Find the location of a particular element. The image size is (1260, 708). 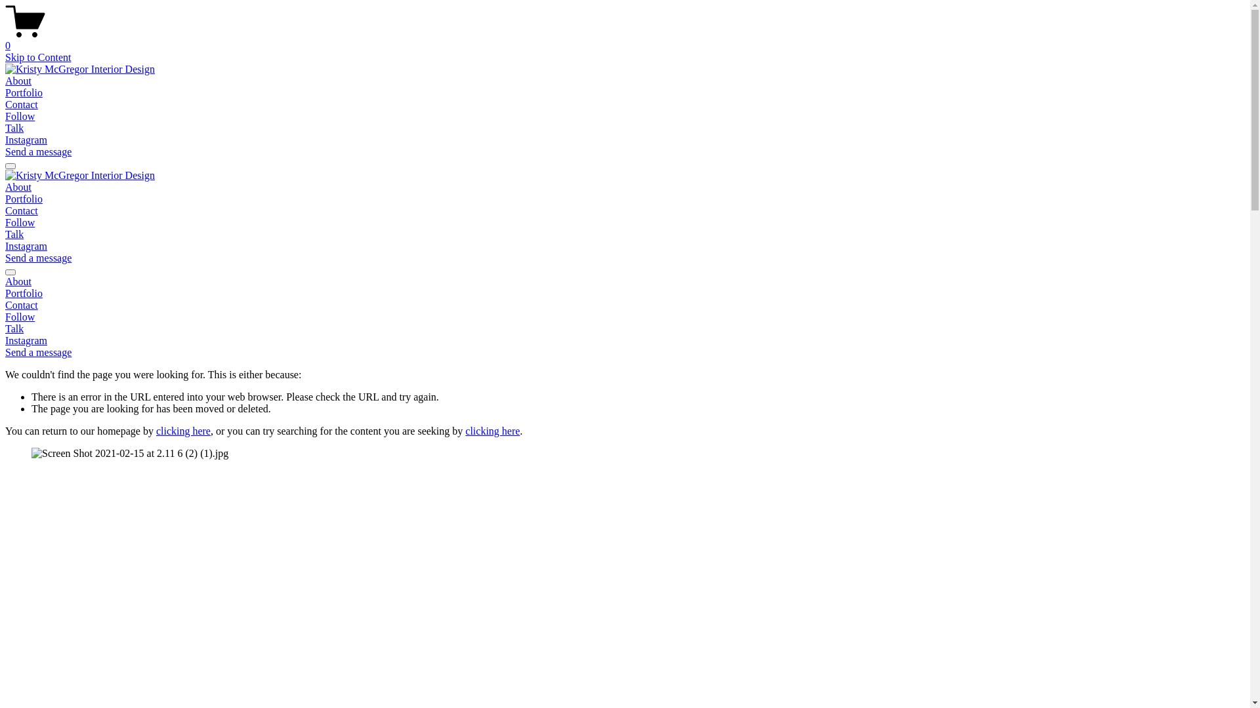

'Follow' is located at coordinates (20, 115).